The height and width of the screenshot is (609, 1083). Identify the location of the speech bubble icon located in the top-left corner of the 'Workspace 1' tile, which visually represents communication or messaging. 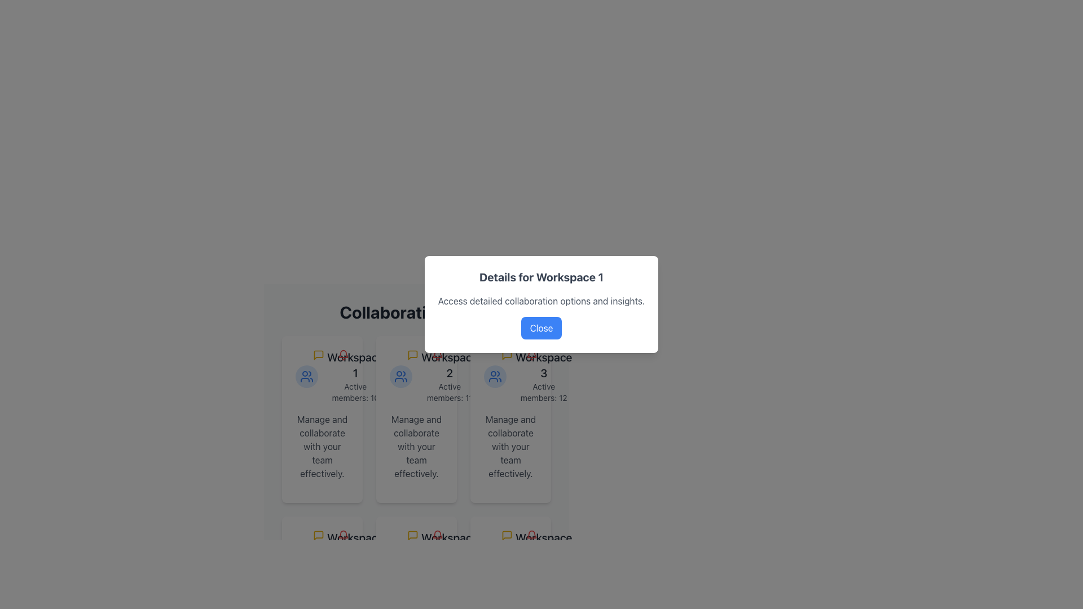
(318, 354).